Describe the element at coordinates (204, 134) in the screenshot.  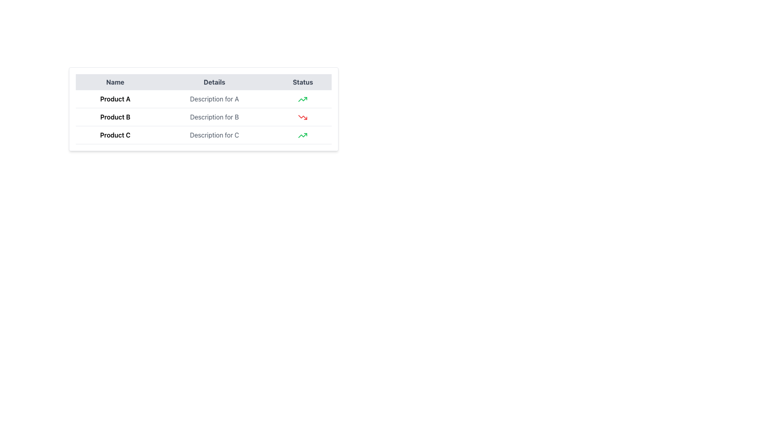
I see `the table row displaying information about 'Product C', which is the third row in the table below 'Product A' and 'Product B'` at that location.